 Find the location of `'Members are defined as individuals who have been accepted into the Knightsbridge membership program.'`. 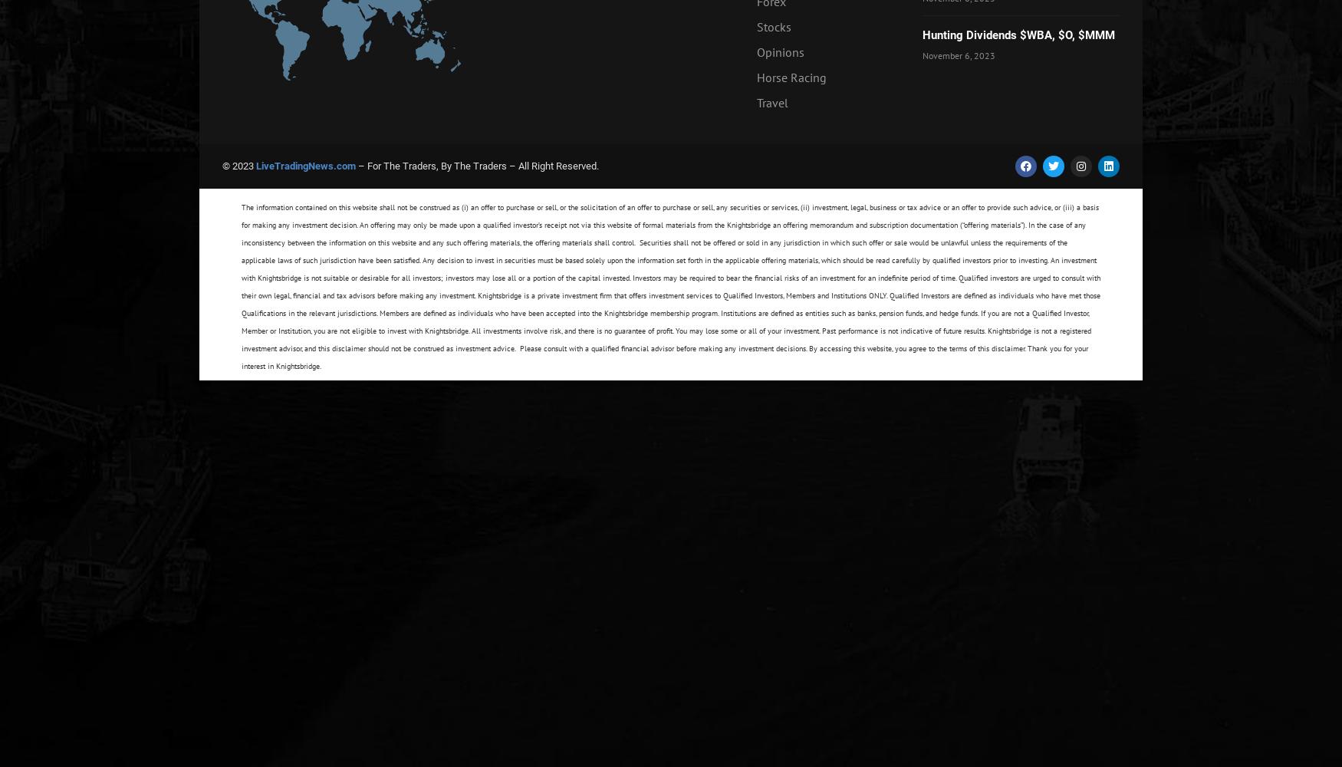

'Members are defined as individuals who have been accepted into the Knightsbridge membership program.' is located at coordinates (550, 313).